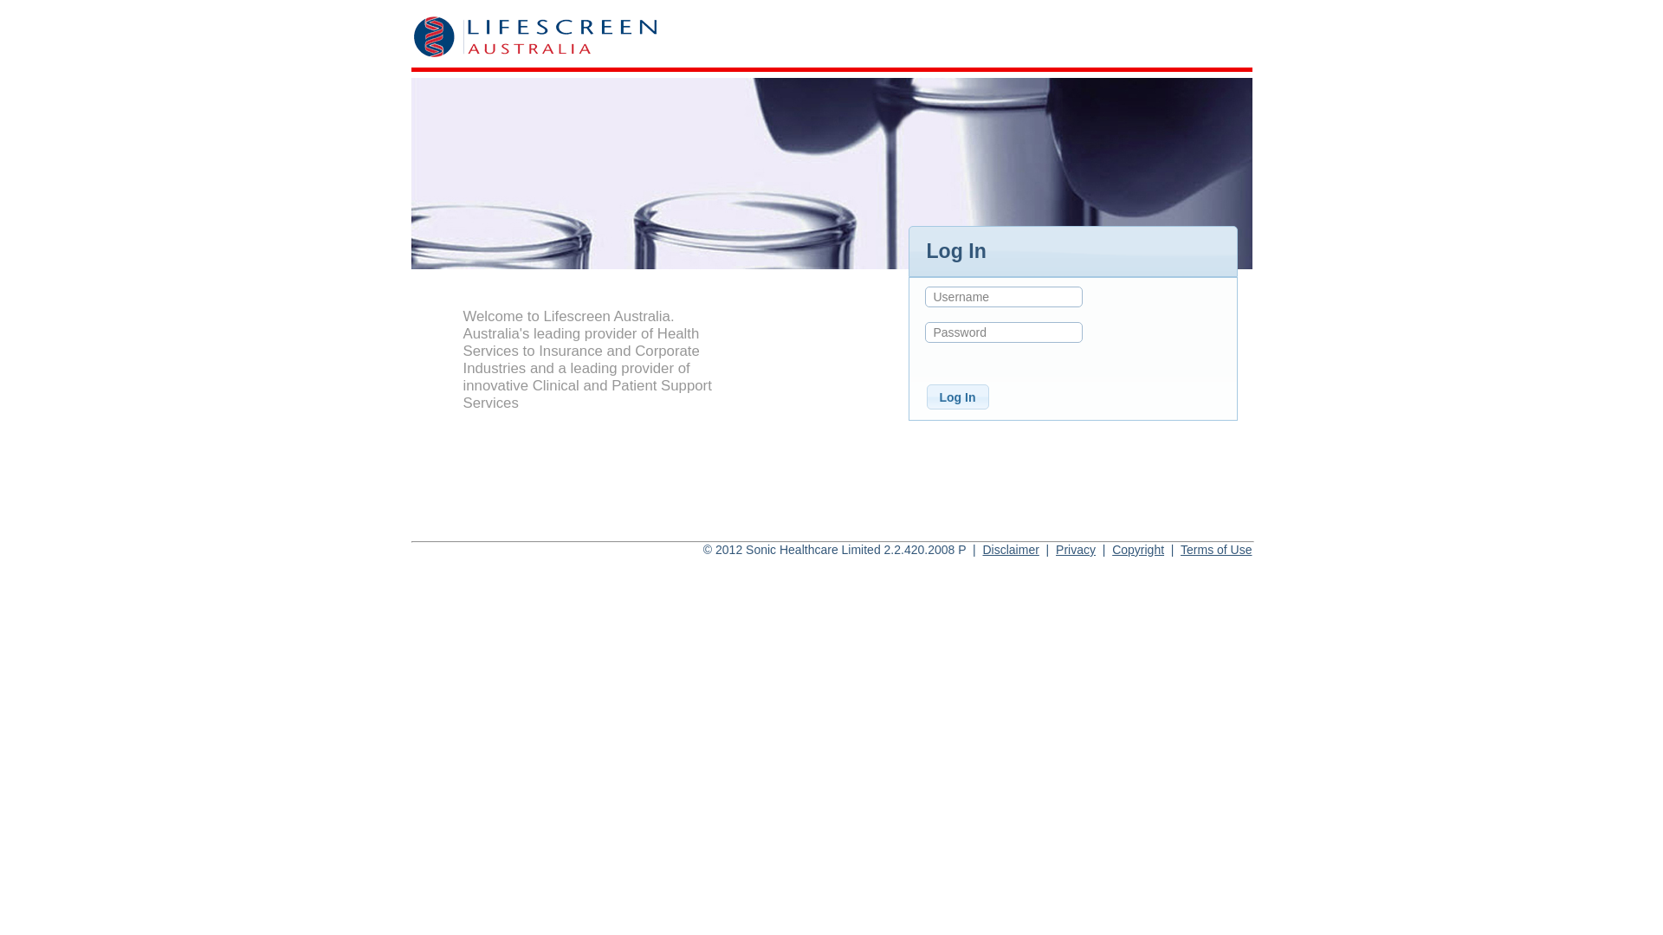 This screenshot has width=1663, height=935. What do you see at coordinates (1010, 550) in the screenshot?
I see `'Disclaimer'` at bounding box center [1010, 550].